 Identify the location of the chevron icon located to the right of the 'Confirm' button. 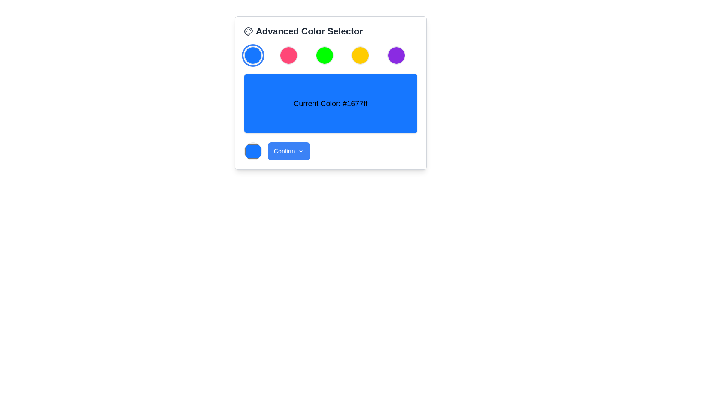
(301, 151).